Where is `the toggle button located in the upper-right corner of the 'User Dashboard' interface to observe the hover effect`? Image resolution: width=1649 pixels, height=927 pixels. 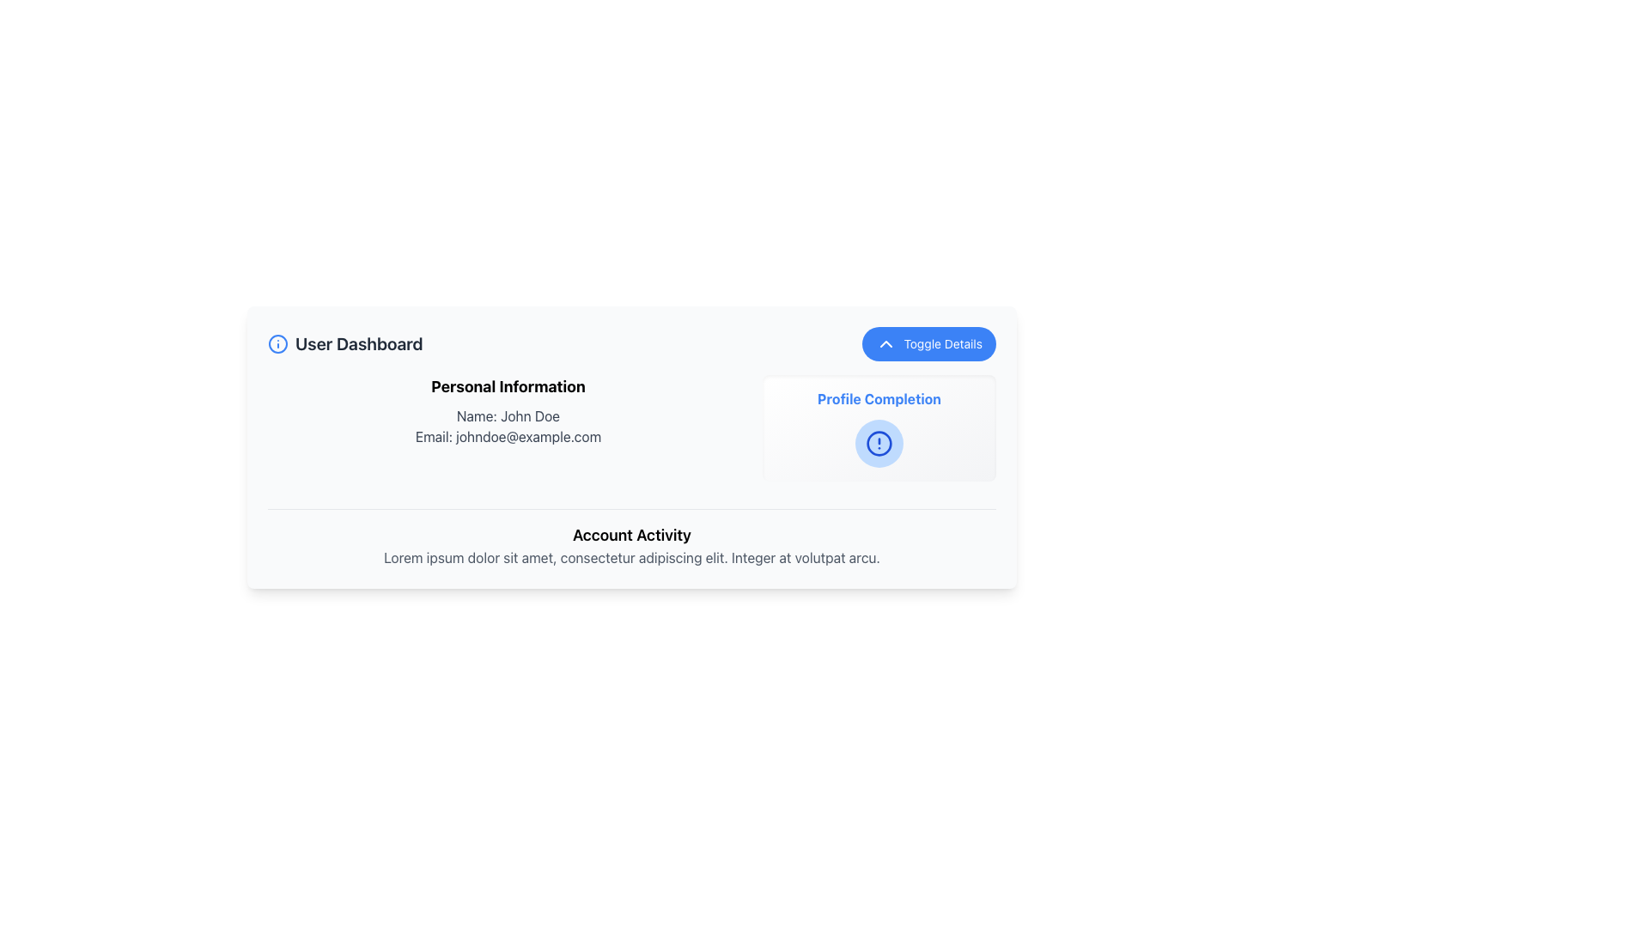
the toggle button located in the upper-right corner of the 'User Dashboard' interface to observe the hover effect is located at coordinates (928, 344).